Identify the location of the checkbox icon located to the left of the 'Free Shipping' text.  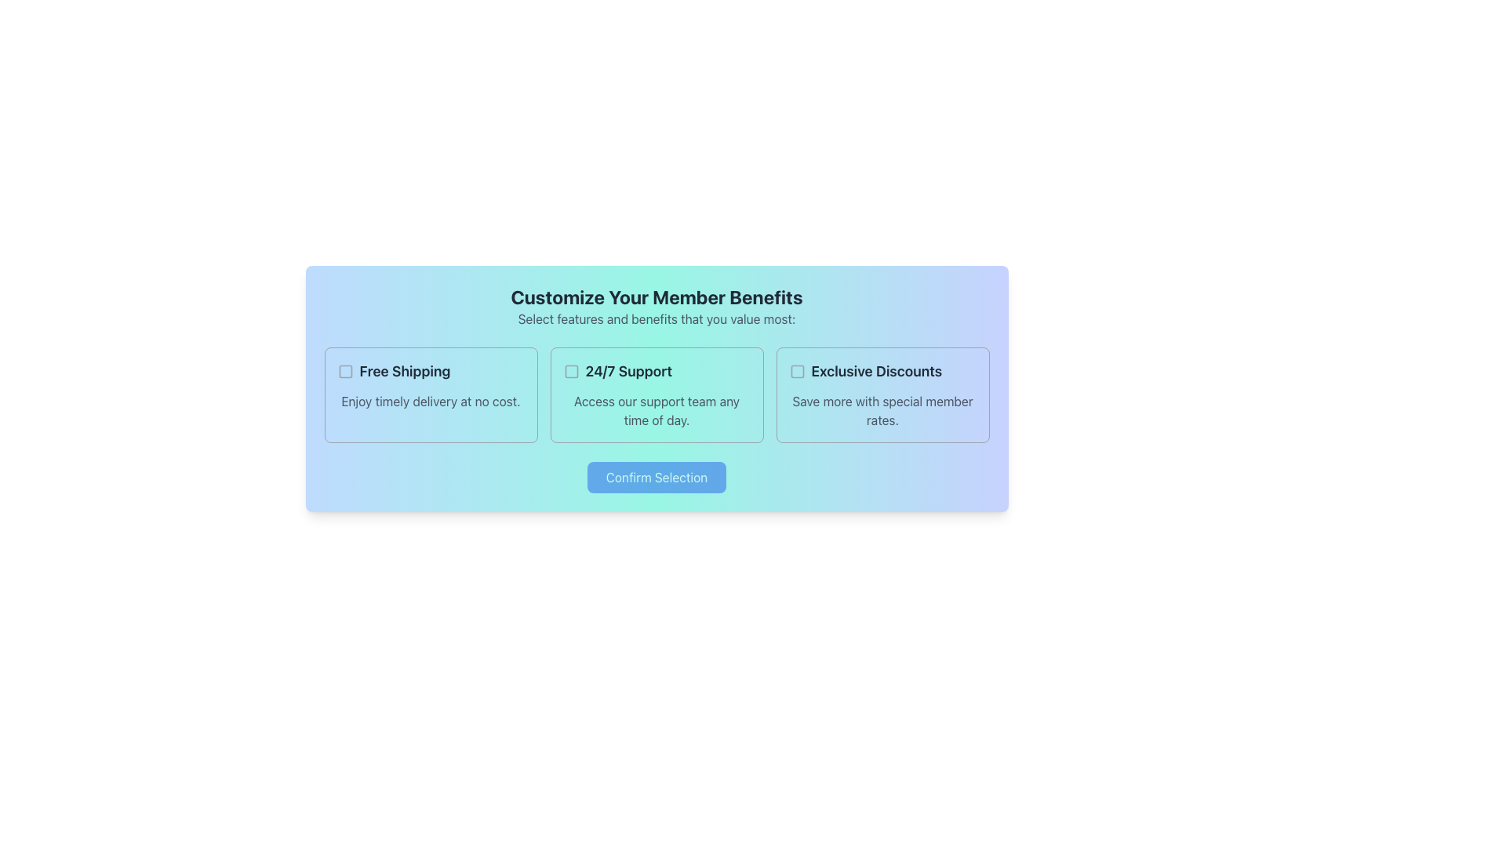
(344, 372).